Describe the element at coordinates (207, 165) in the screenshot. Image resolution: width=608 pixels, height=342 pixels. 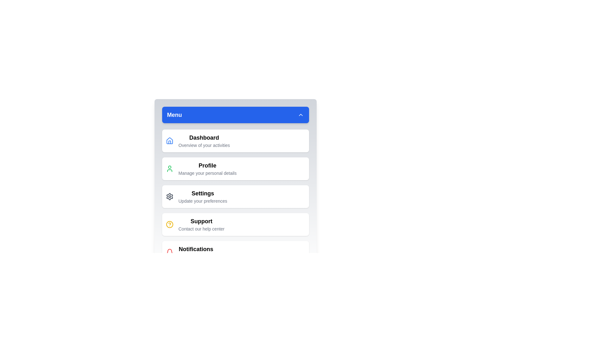
I see `the bold text label 'Profile' in the left navigation pane, which is styled with a strong typeface and black color` at that location.